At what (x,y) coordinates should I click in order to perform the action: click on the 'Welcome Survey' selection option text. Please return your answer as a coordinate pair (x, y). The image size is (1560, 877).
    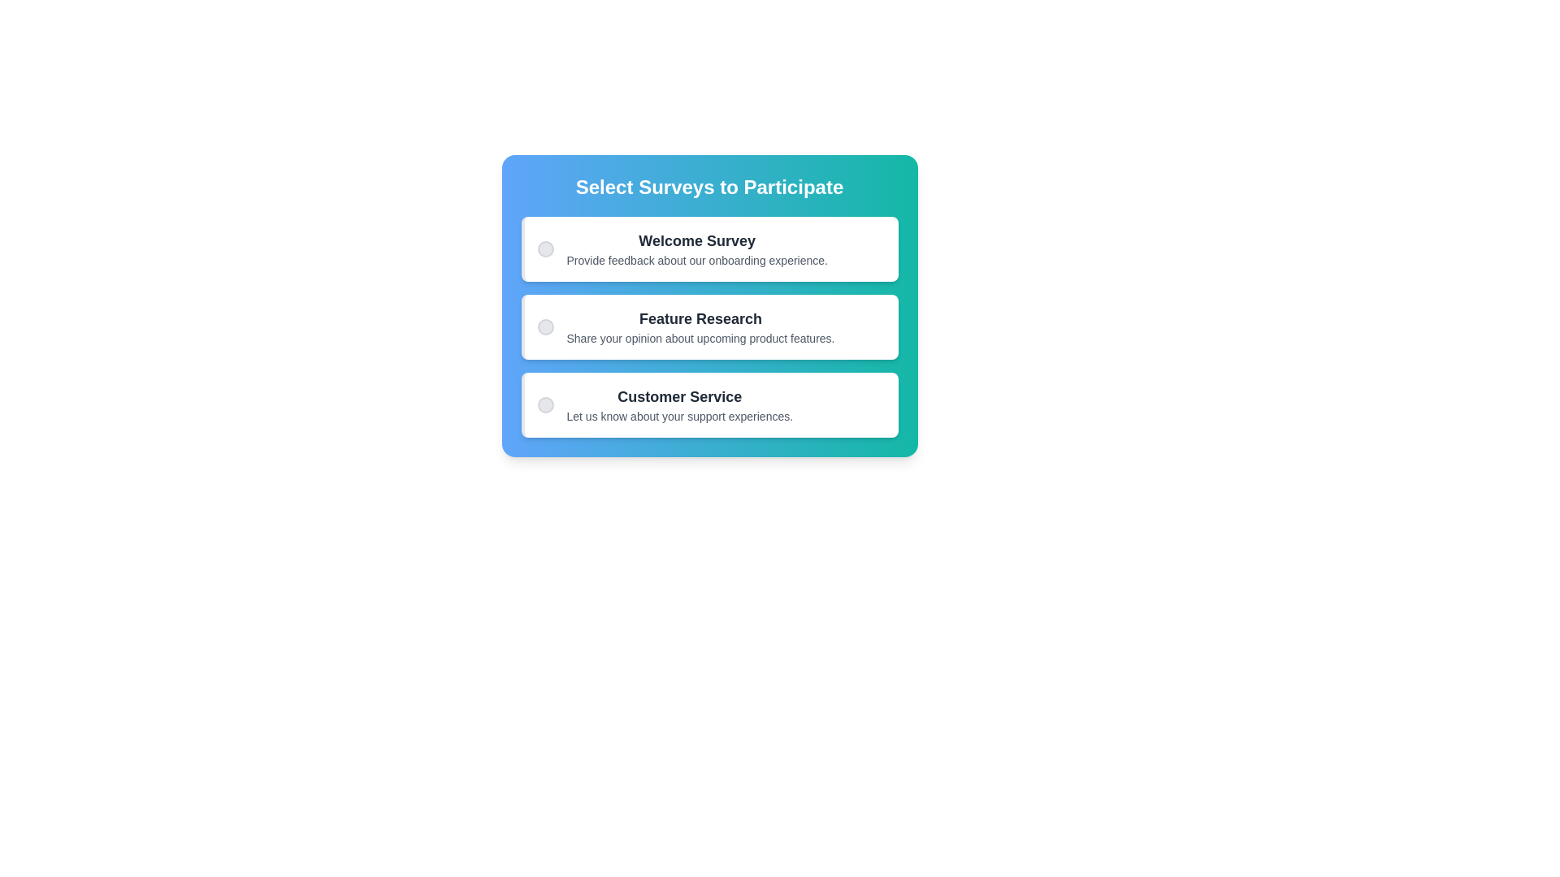
    Looking at the image, I should click on (682, 249).